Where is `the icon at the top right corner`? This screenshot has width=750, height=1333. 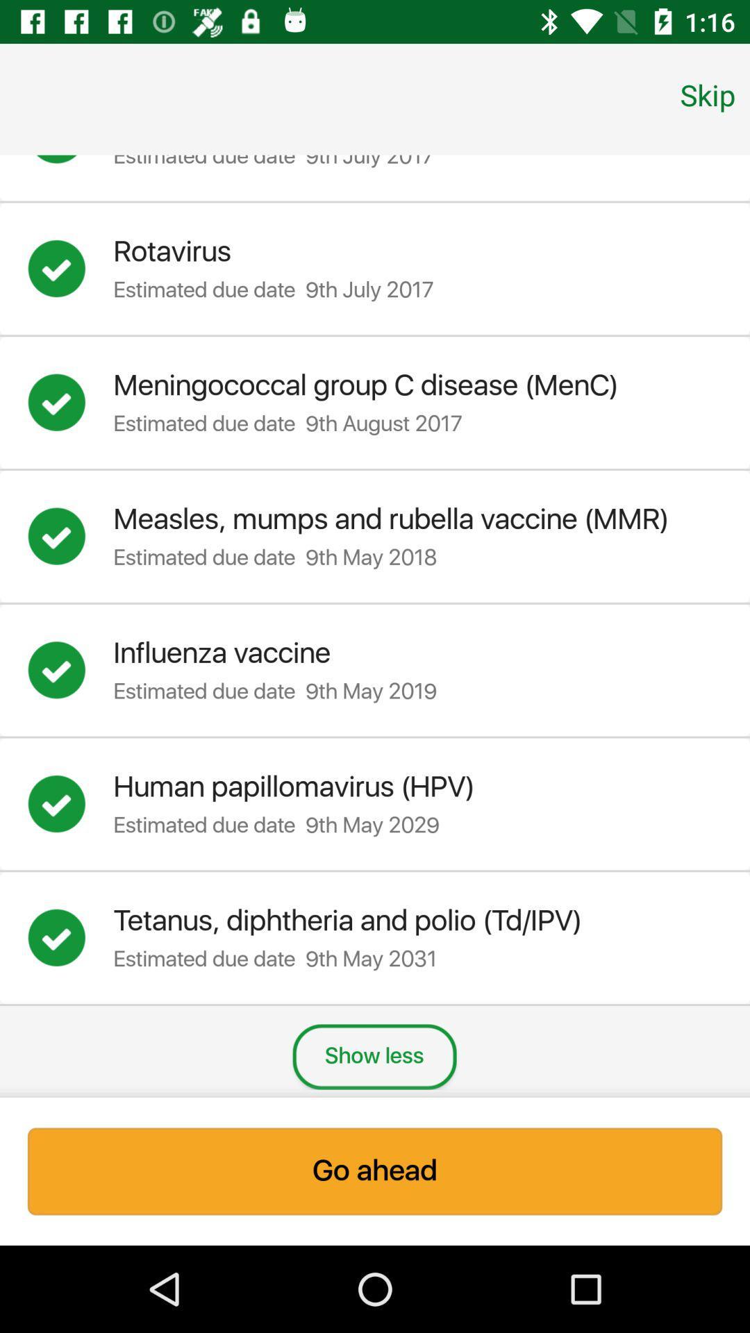
the icon at the top right corner is located at coordinates (708, 94).